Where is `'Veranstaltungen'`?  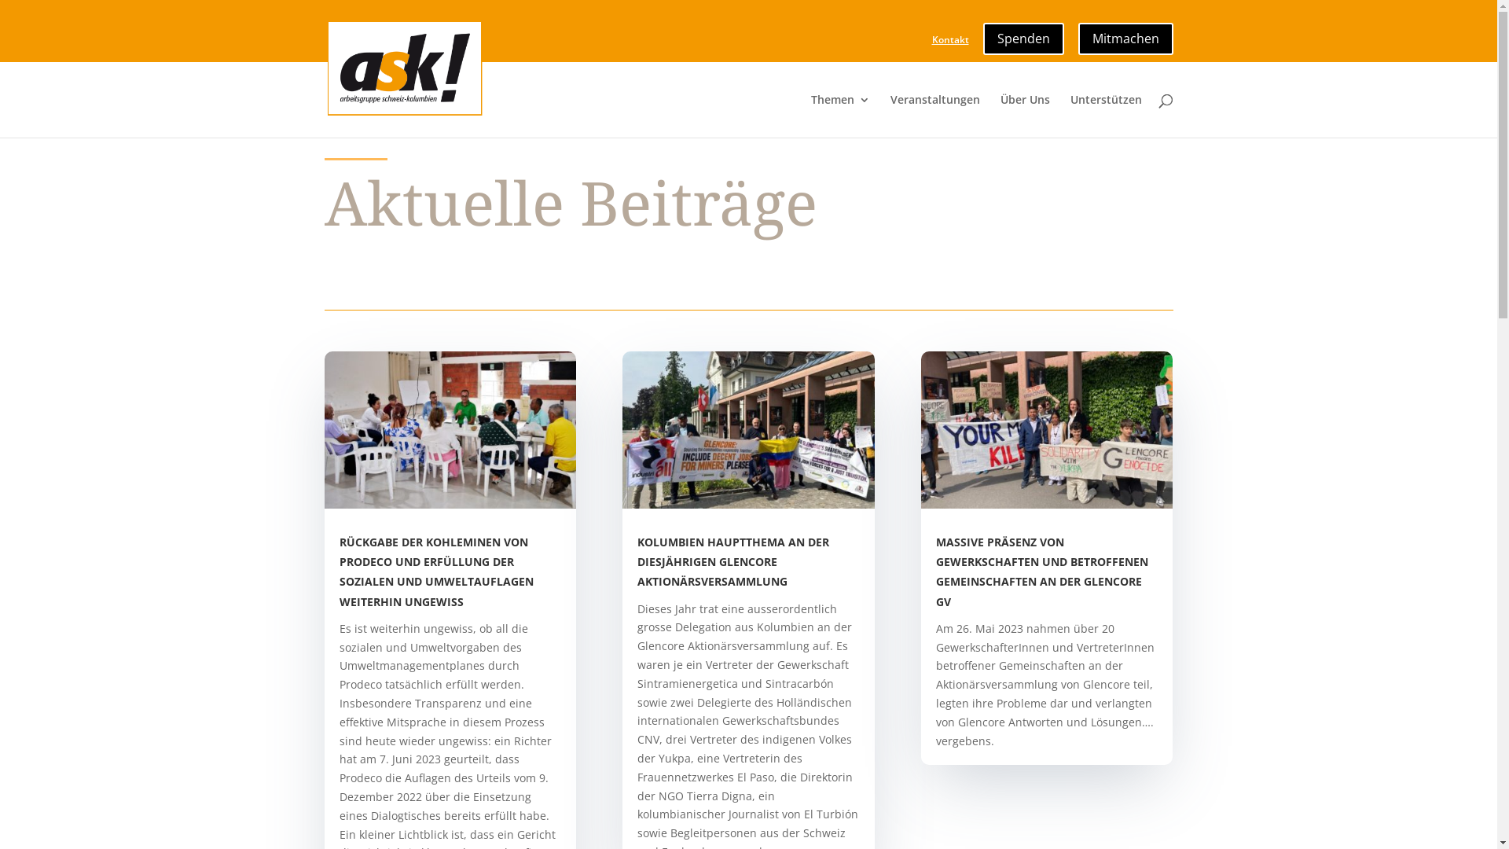 'Veranstaltungen' is located at coordinates (934, 115).